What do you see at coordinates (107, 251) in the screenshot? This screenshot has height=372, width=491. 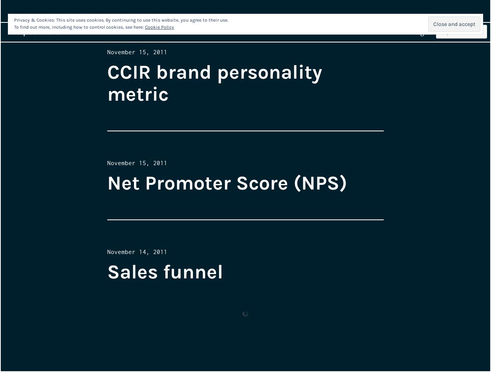 I see `'November 14, 2011'` at bounding box center [107, 251].